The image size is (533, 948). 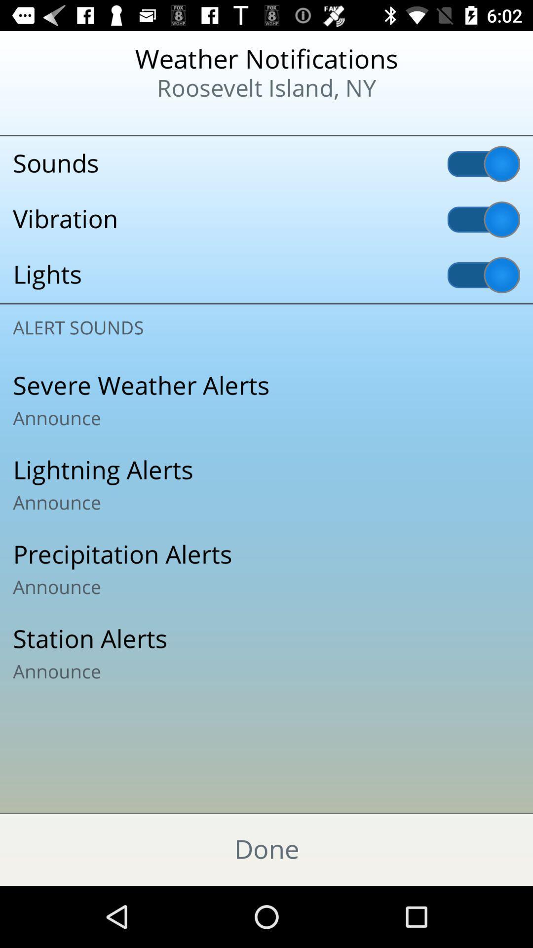 What do you see at coordinates (266, 275) in the screenshot?
I see `the item below vibration item` at bounding box center [266, 275].